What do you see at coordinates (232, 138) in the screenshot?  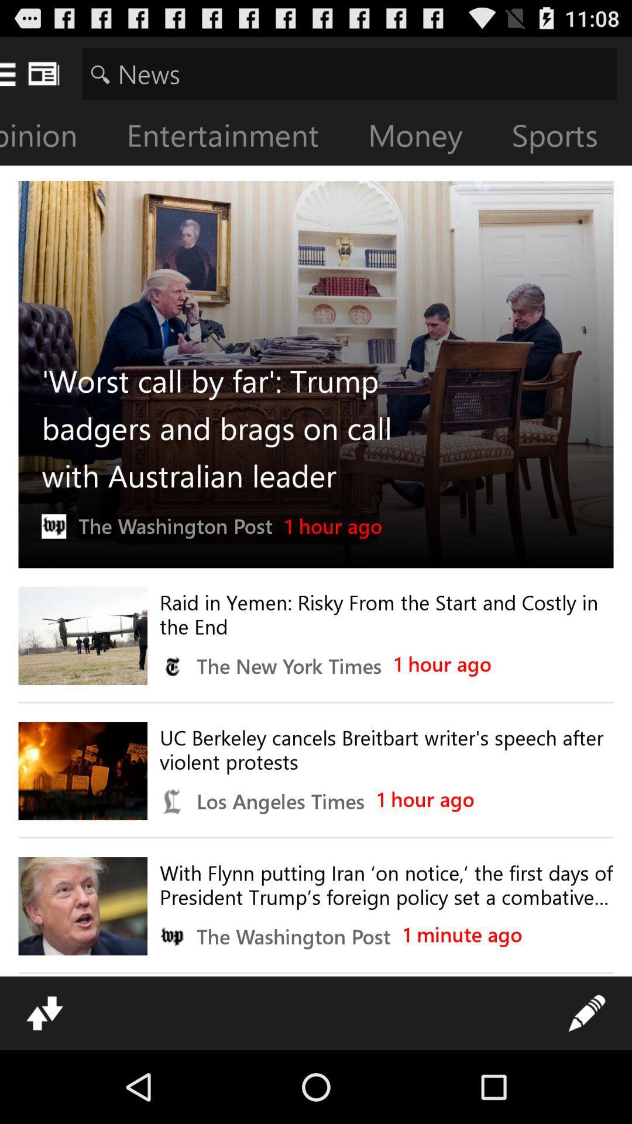 I see `icon to the right of the opinion icon` at bounding box center [232, 138].